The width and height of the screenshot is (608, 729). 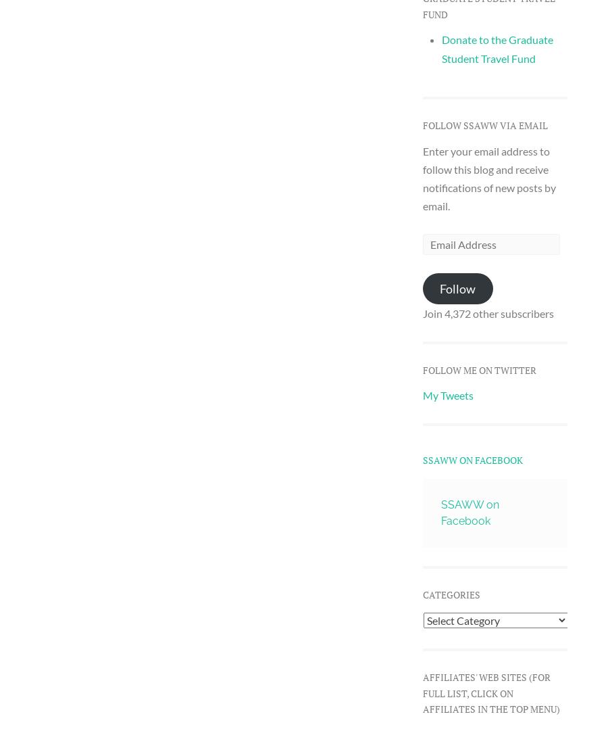 I want to click on 'Follow', so click(x=457, y=288).